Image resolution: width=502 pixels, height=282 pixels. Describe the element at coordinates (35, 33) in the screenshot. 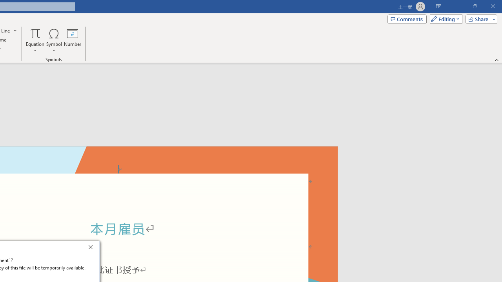

I see `'Equation'` at that location.